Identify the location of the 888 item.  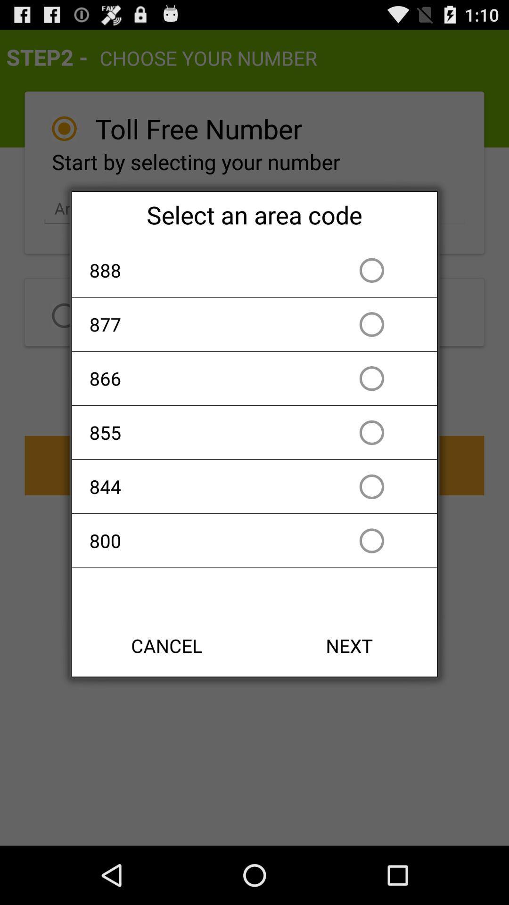
(200, 270).